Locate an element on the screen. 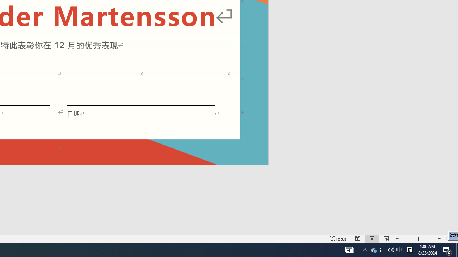 The image size is (458, 257). 'Focus ' is located at coordinates (337, 239).